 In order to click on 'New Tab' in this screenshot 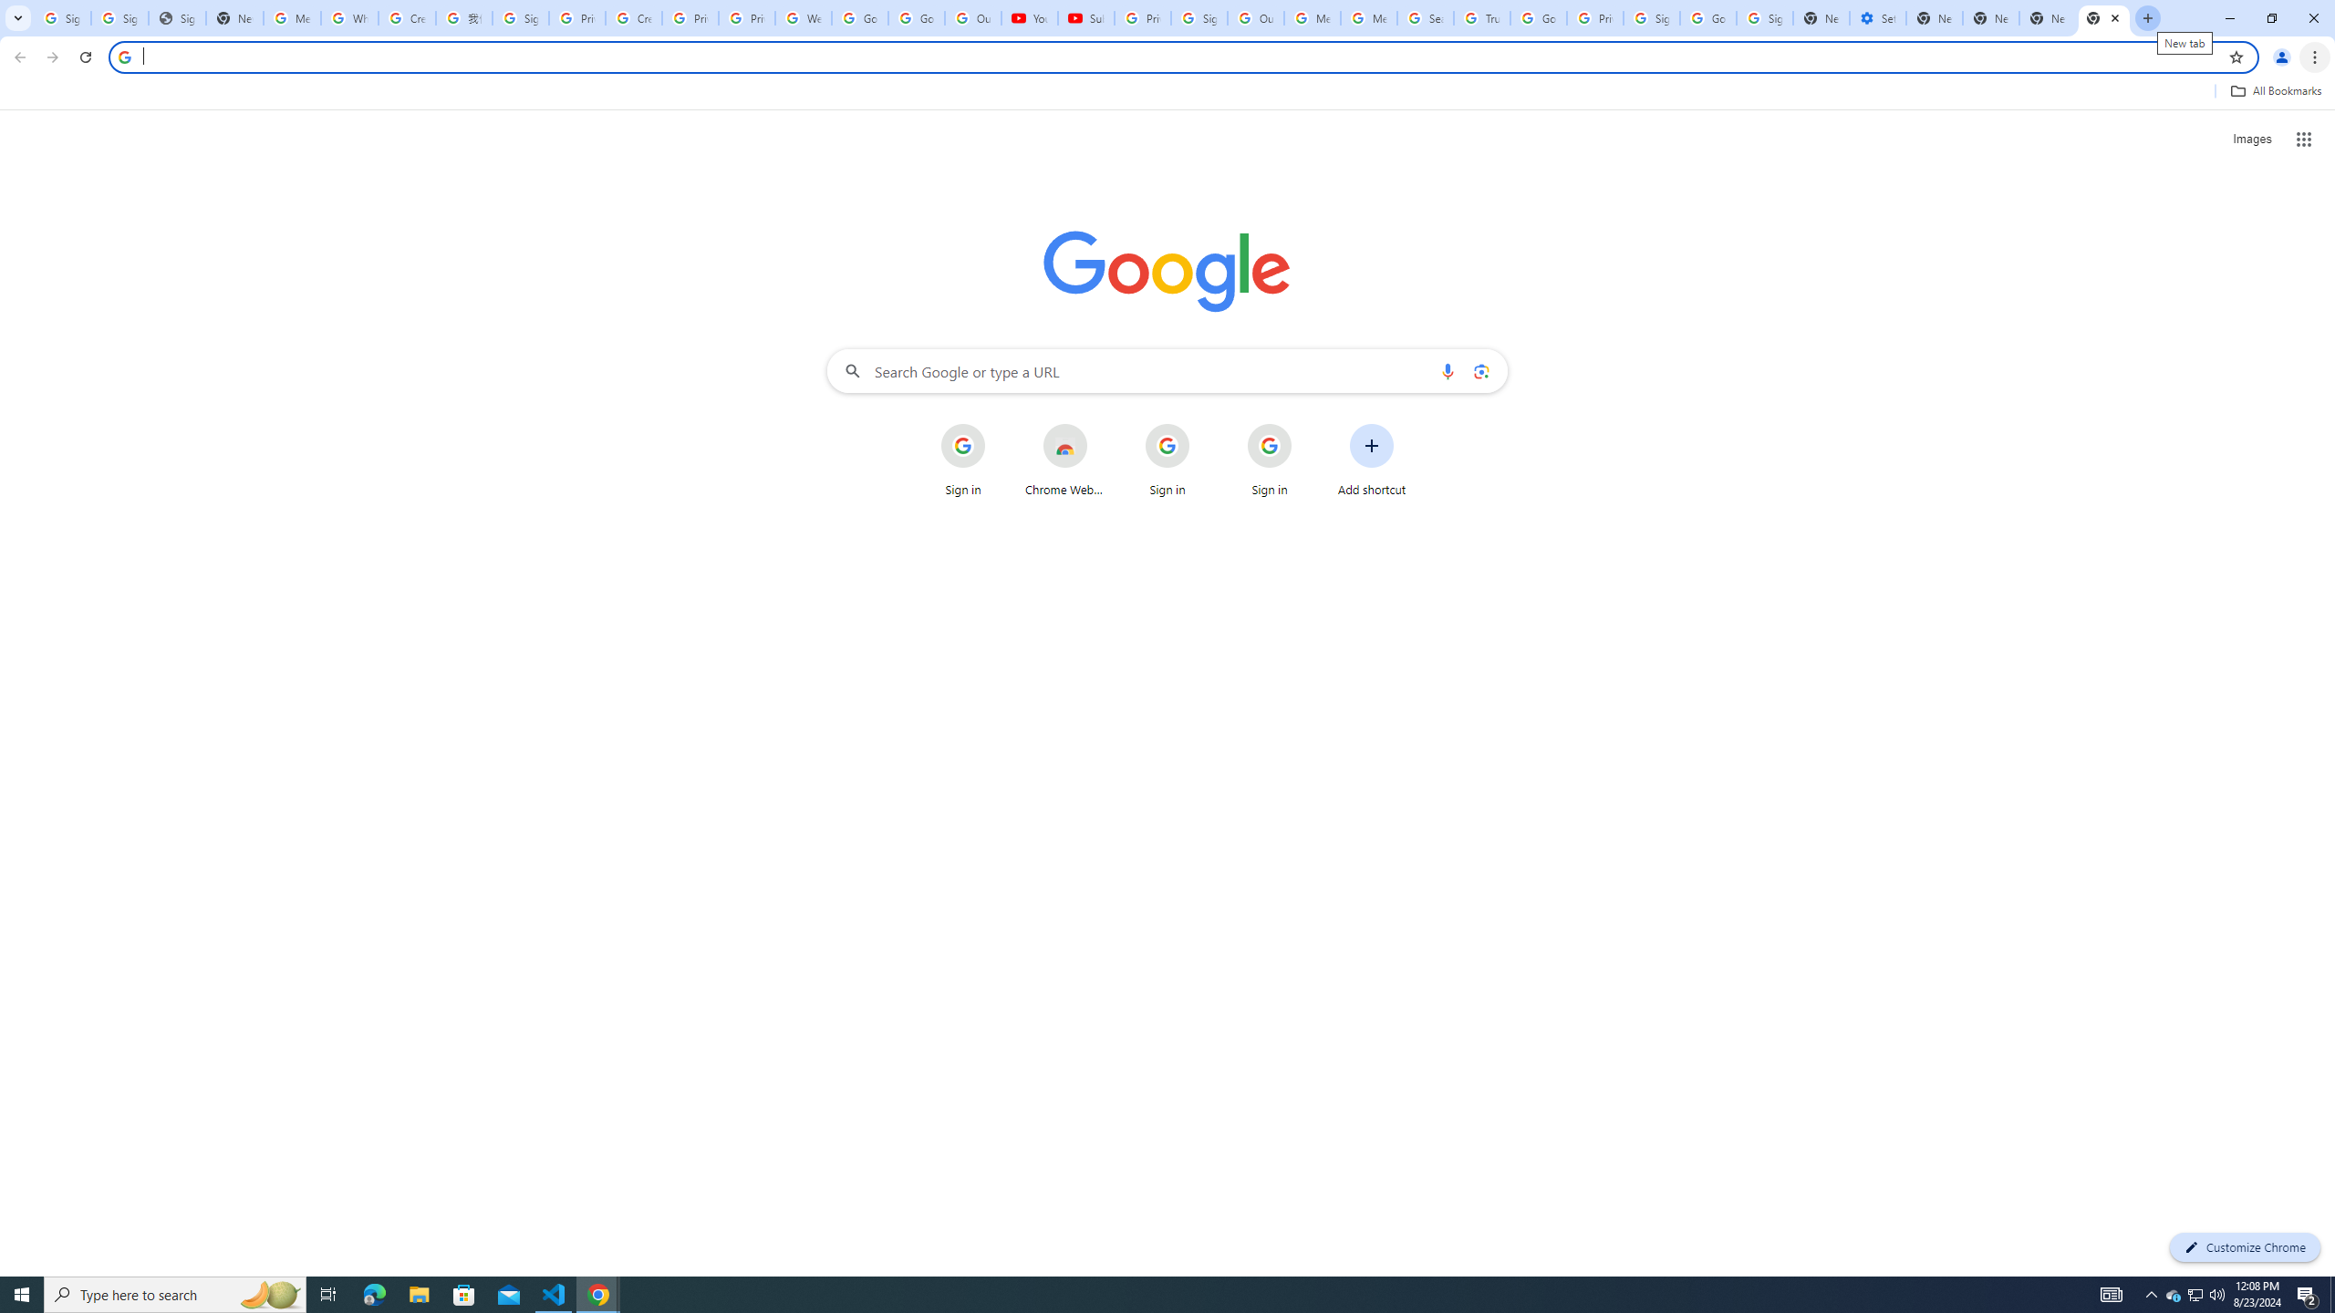, I will do `click(2104, 17)`.